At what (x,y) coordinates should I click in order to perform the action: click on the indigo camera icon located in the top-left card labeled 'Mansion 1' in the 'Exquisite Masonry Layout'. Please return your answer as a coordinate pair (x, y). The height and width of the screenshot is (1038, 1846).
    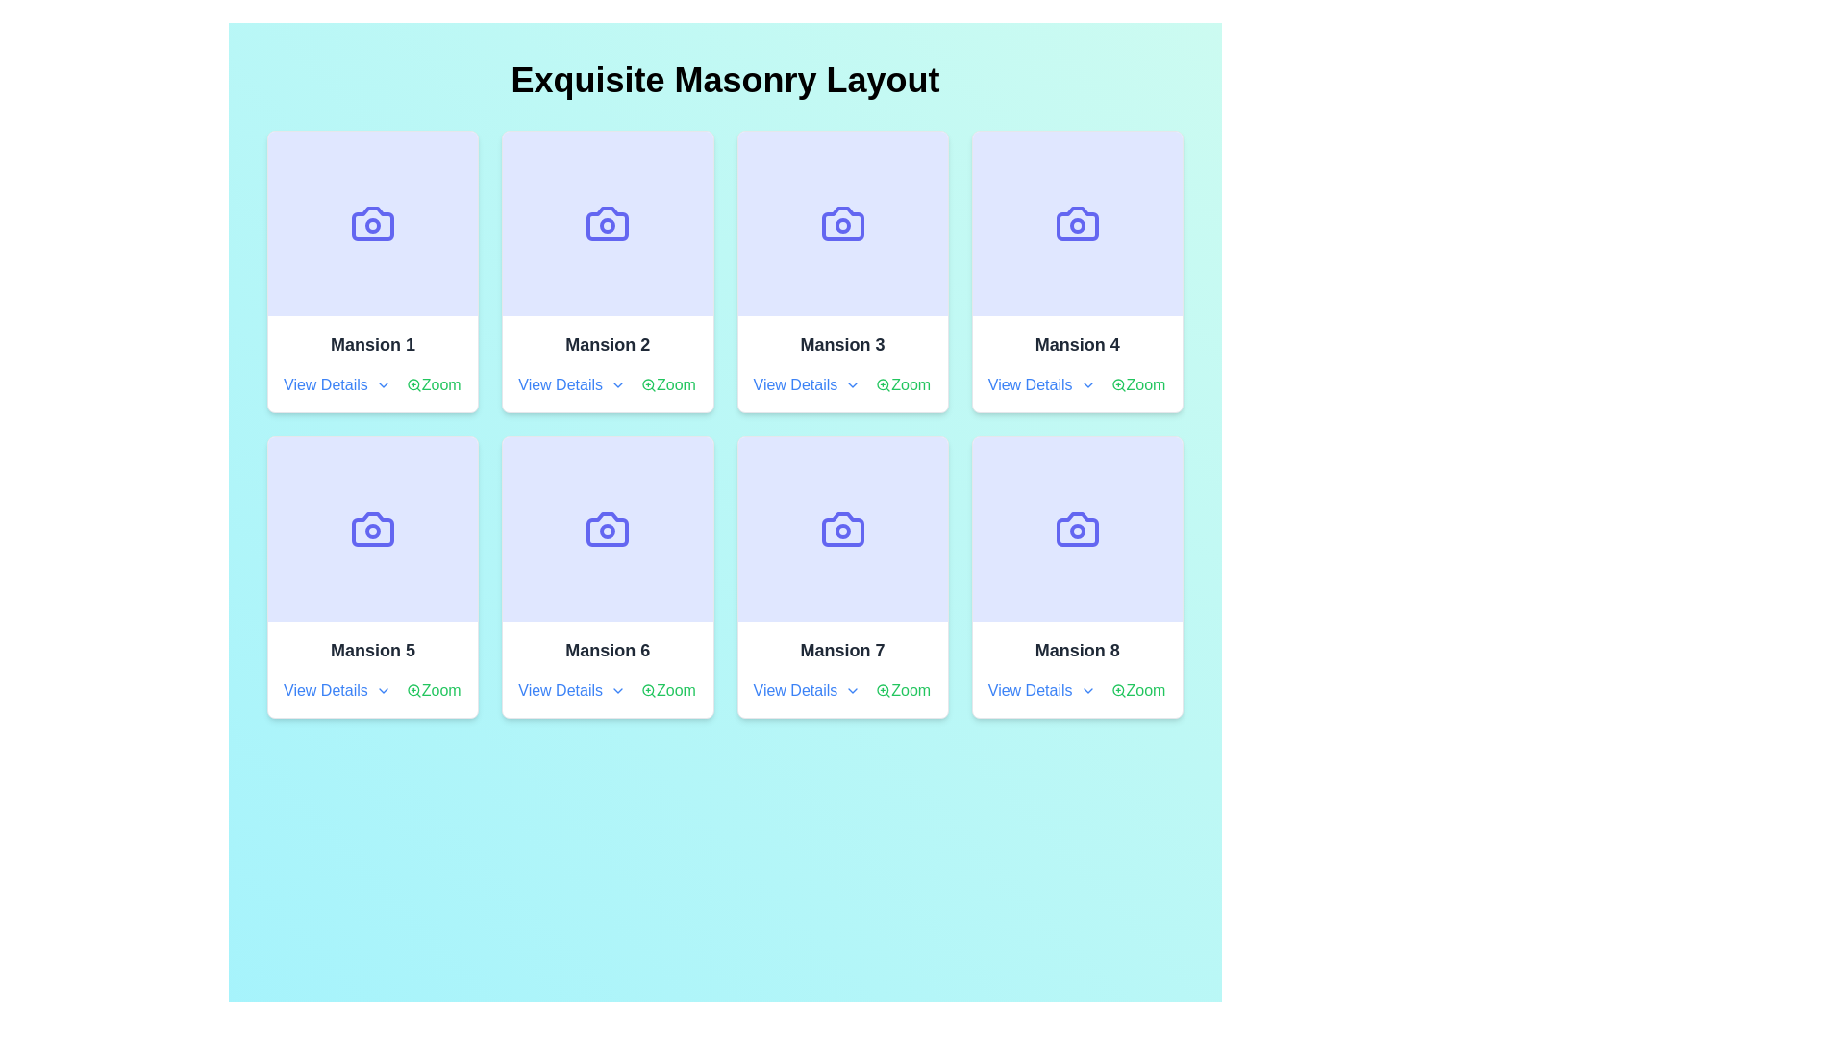
    Looking at the image, I should click on (373, 222).